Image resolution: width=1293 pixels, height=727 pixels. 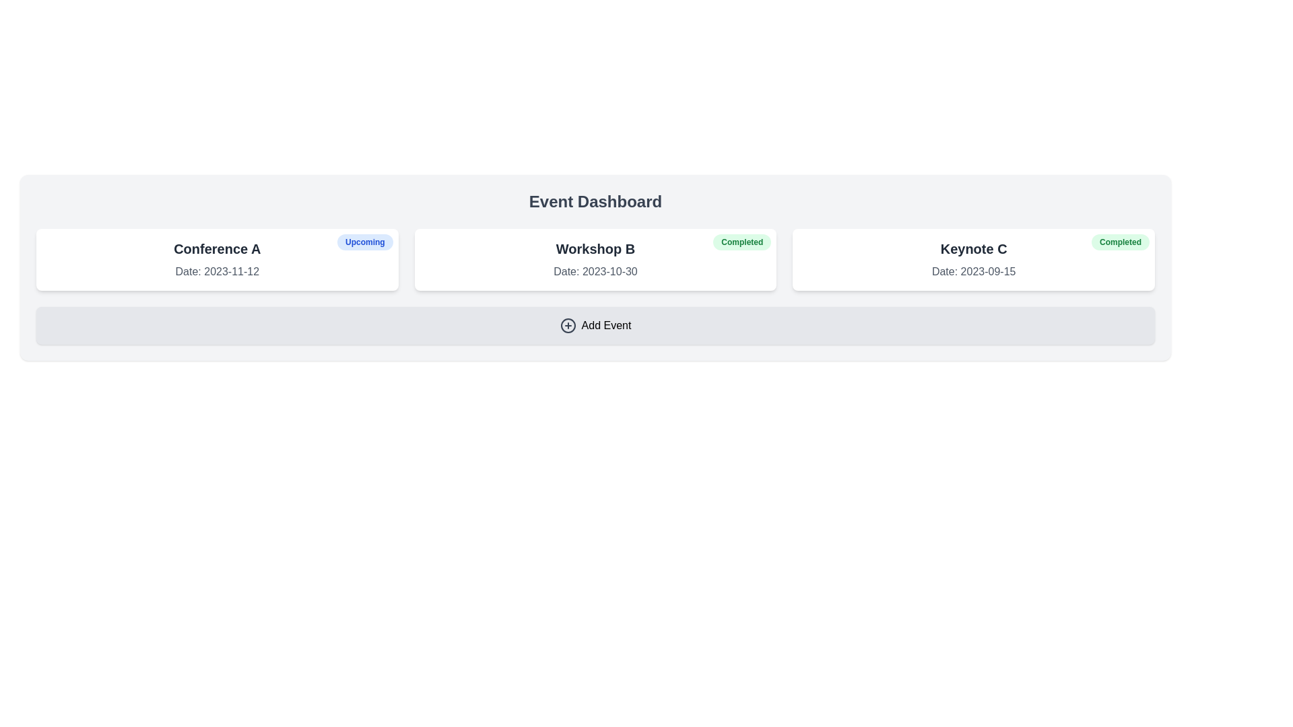 I want to click on the event summary card displaying 'Workshop B', which is the second card in a horizontal grid layout, providing details about the event's name, date, and completion status, so click(x=595, y=259).